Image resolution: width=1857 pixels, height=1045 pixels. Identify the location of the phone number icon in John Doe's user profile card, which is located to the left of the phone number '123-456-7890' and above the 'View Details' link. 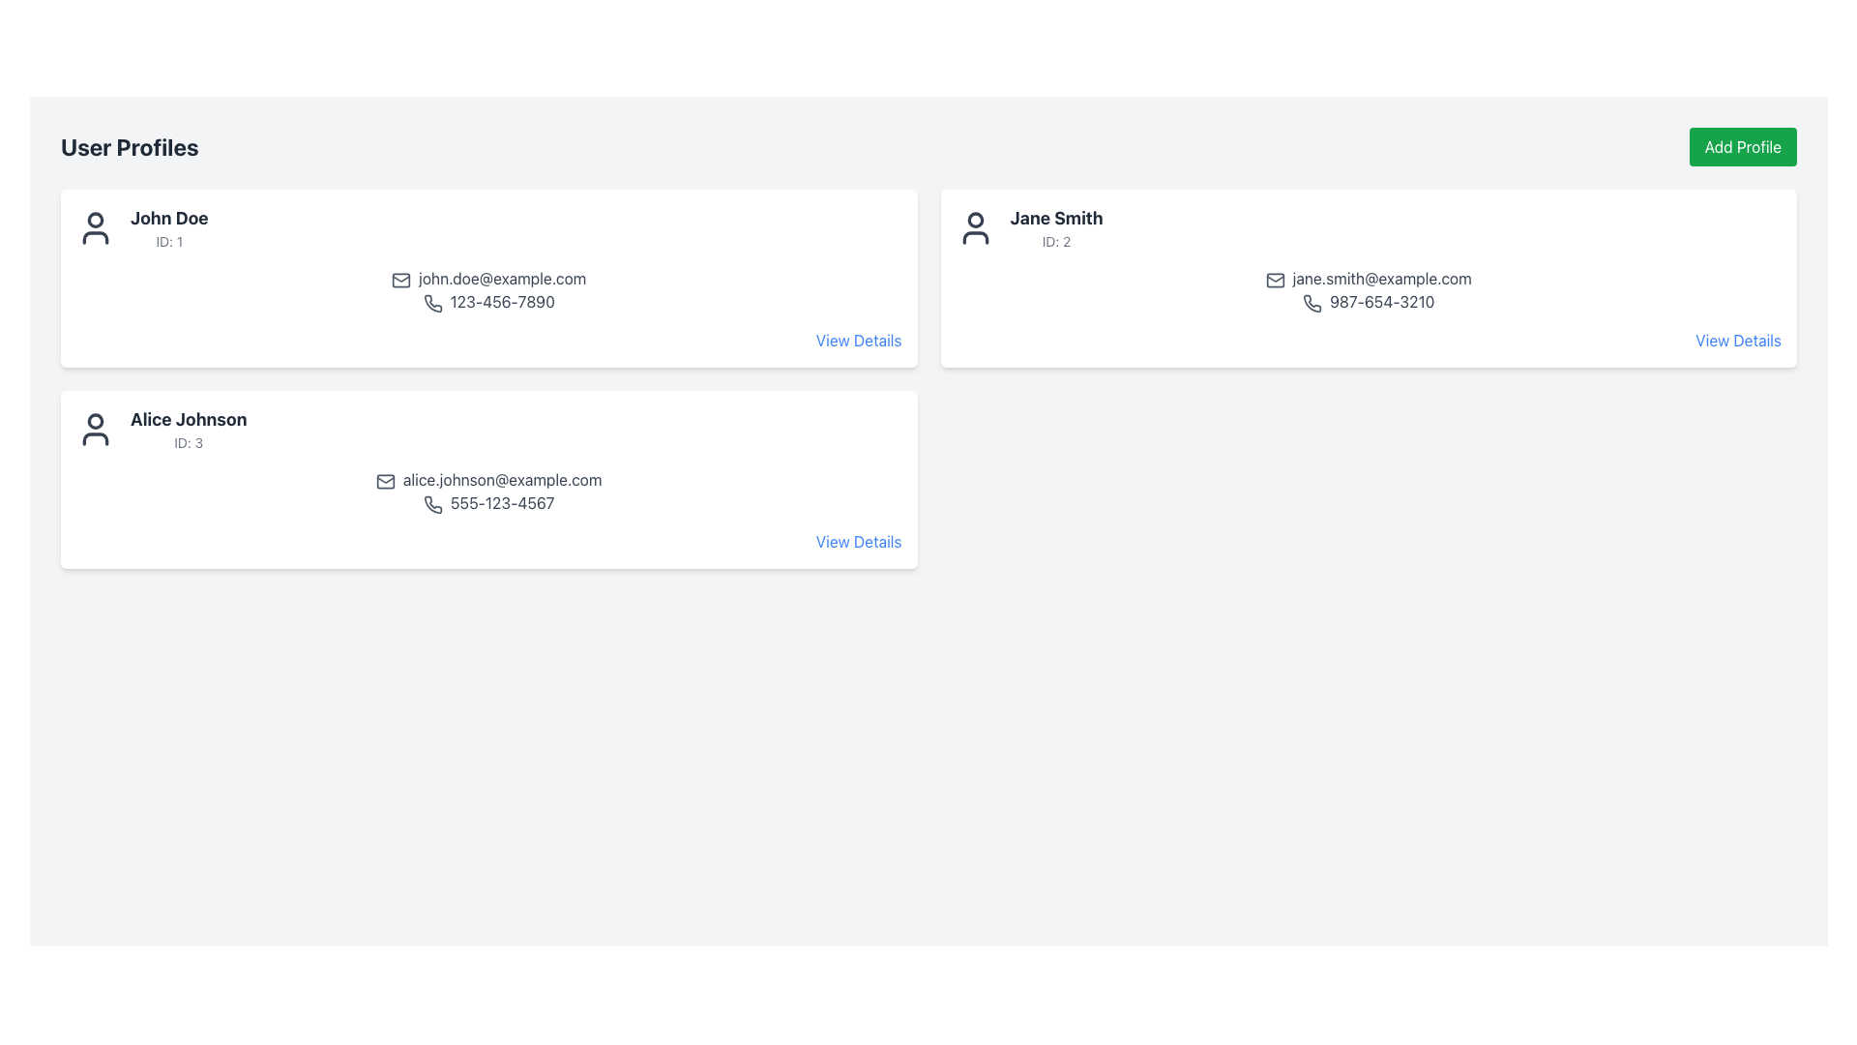
(431, 303).